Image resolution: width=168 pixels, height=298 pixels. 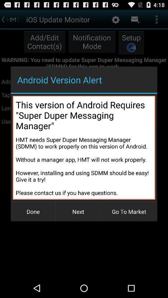 What do you see at coordinates (128, 211) in the screenshot?
I see `the go to market` at bounding box center [128, 211].